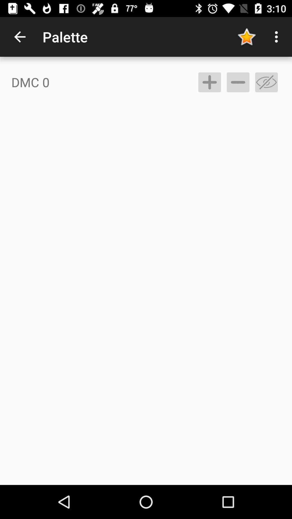 The height and width of the screenshot is (519, 292). I want to click on the icon above the dmc 0, so click(19, 36).